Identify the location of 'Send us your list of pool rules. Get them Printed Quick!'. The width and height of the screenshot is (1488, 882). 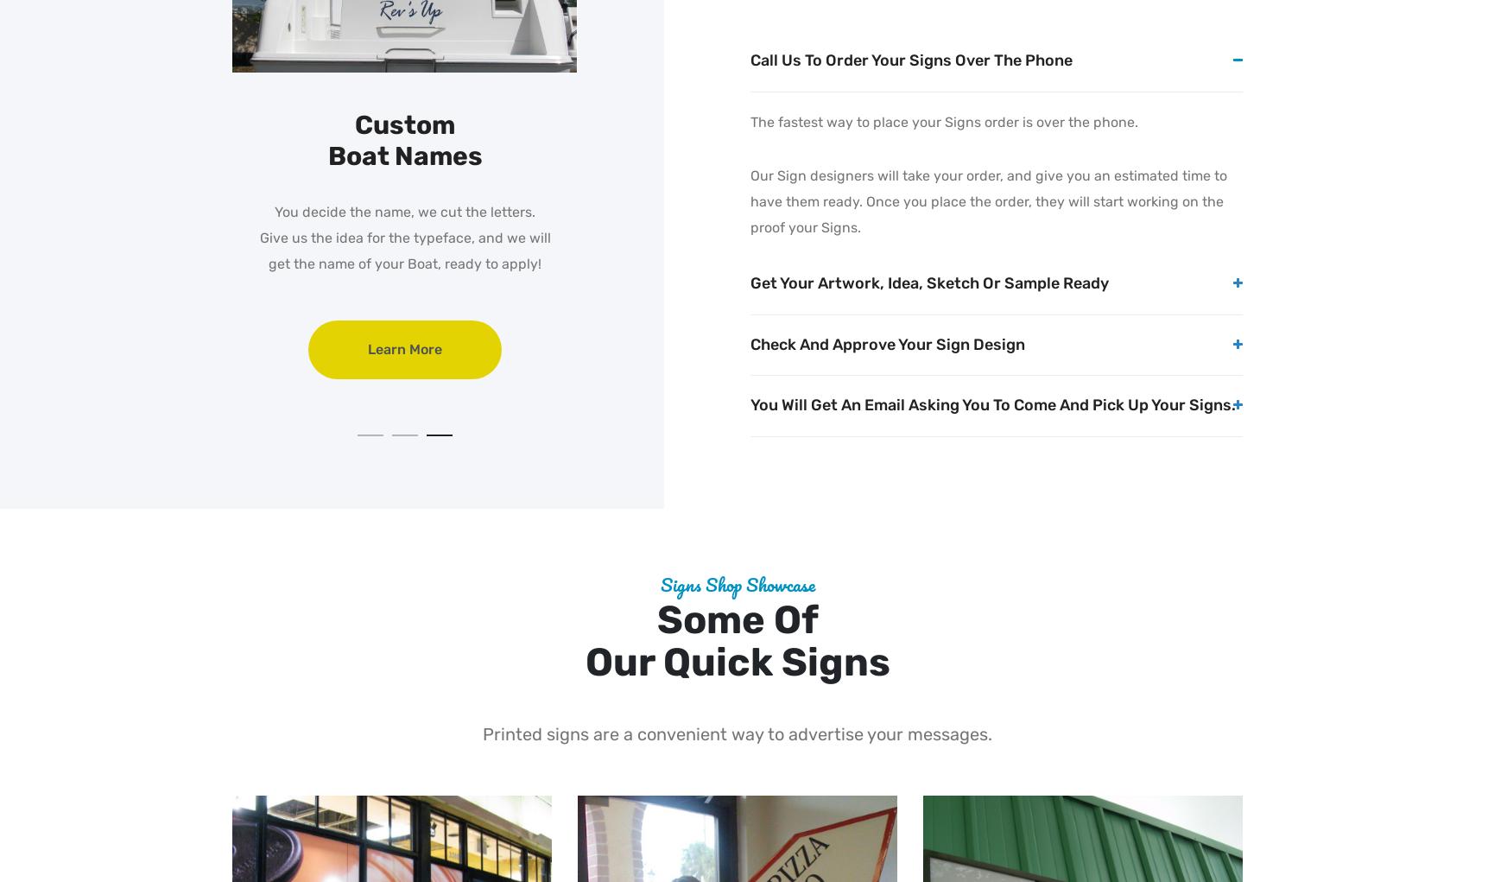
(404, 223).